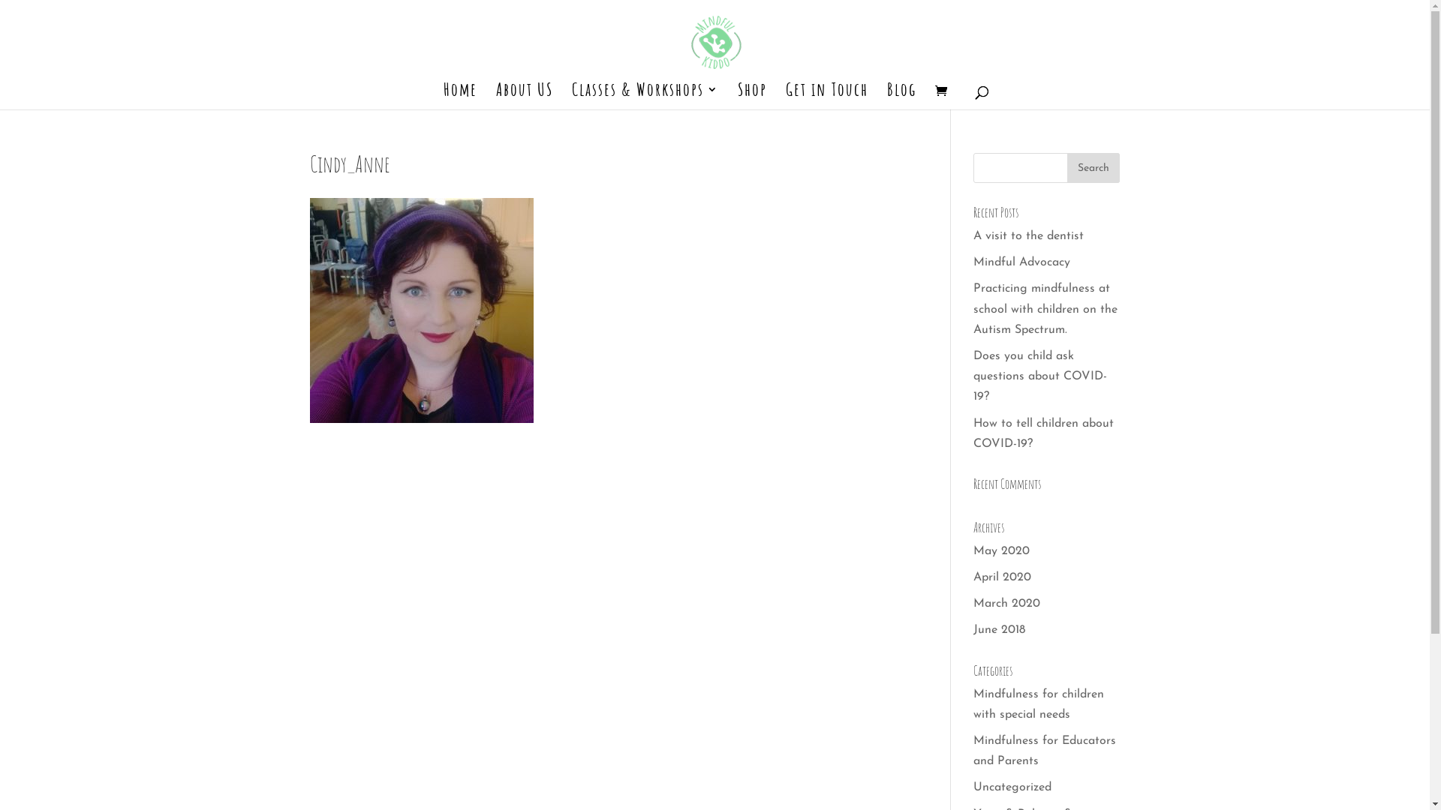  Describe the element at coordinates (459, 96) in the screenshot. I see `'Home'` at that location.